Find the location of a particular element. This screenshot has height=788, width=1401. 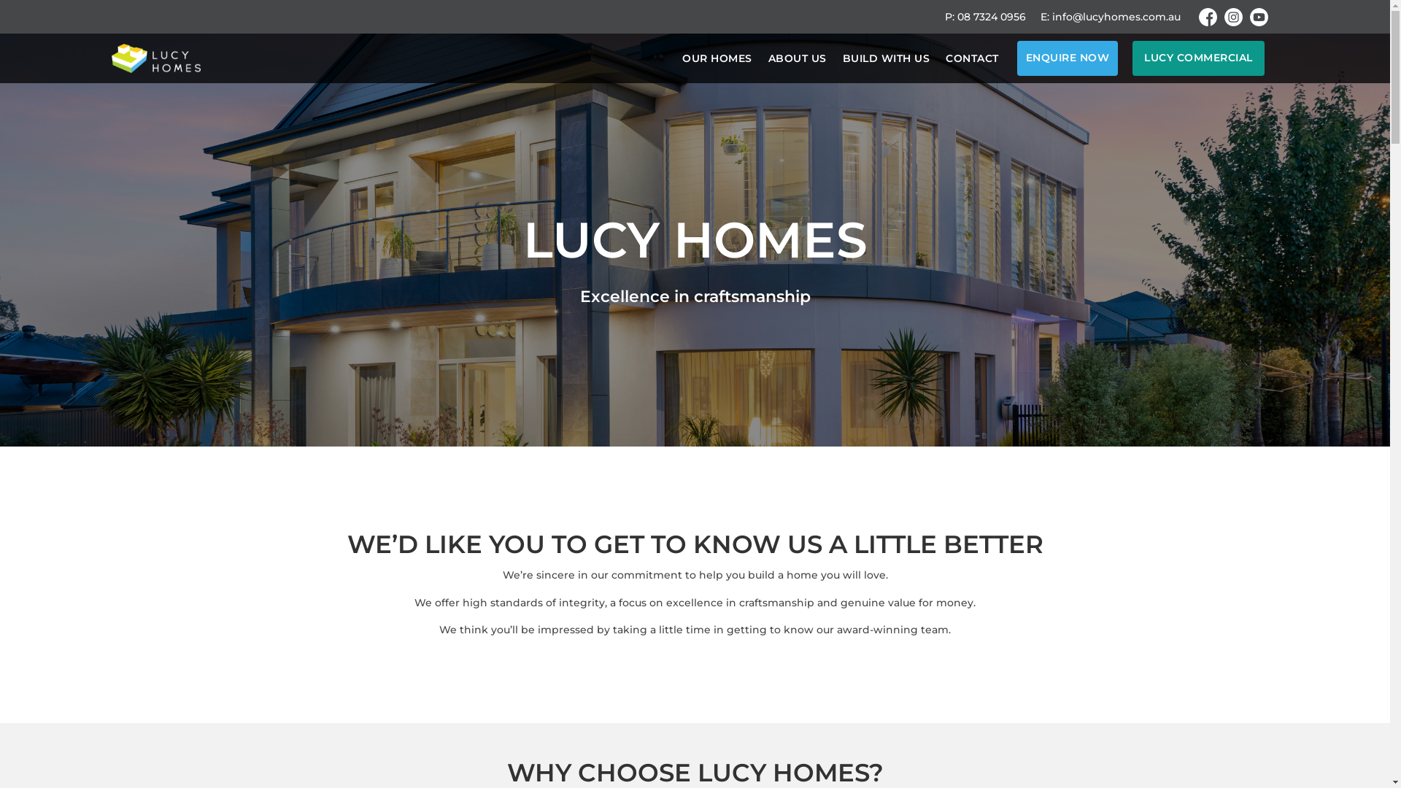

'ABOUT US' is located at coordinates (766, 58).